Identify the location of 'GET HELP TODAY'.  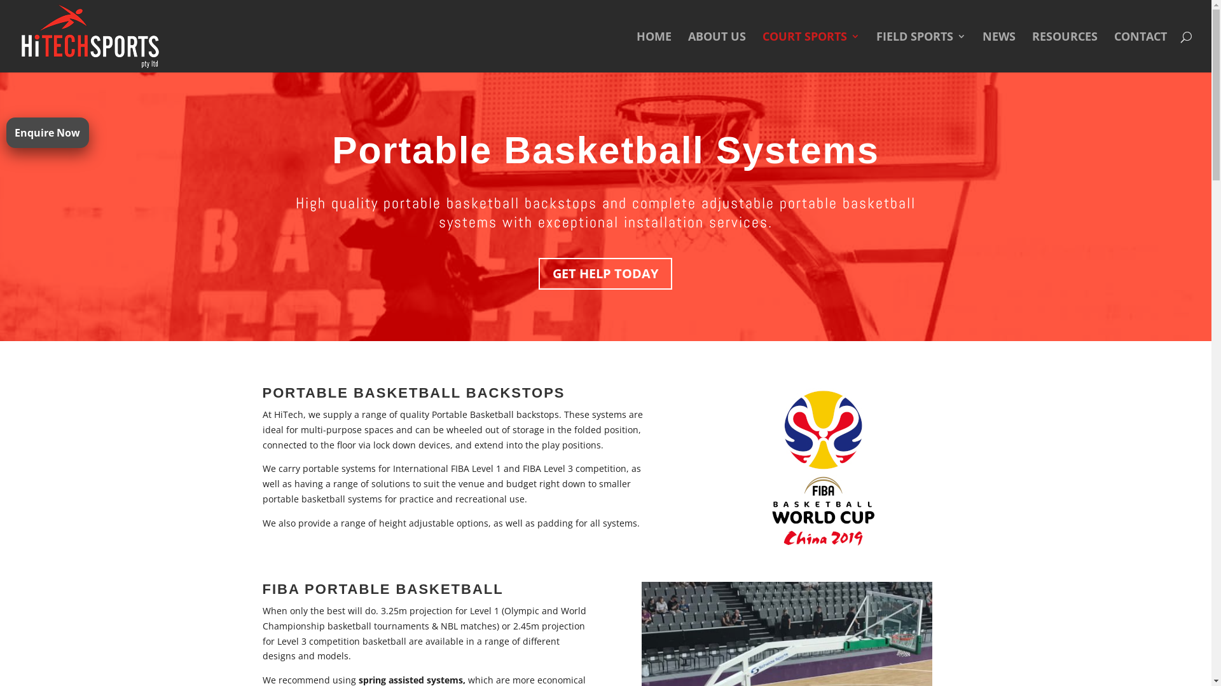
(604, 273).